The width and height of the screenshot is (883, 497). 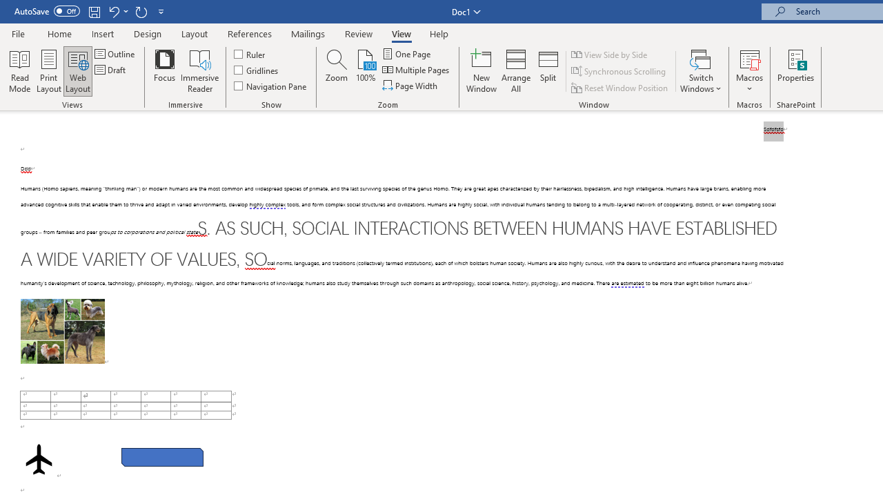 What do you see at coordinates (416, 70) in the screenshot?
I see `'Multiple Pages'` at bounding box center [416, 70].